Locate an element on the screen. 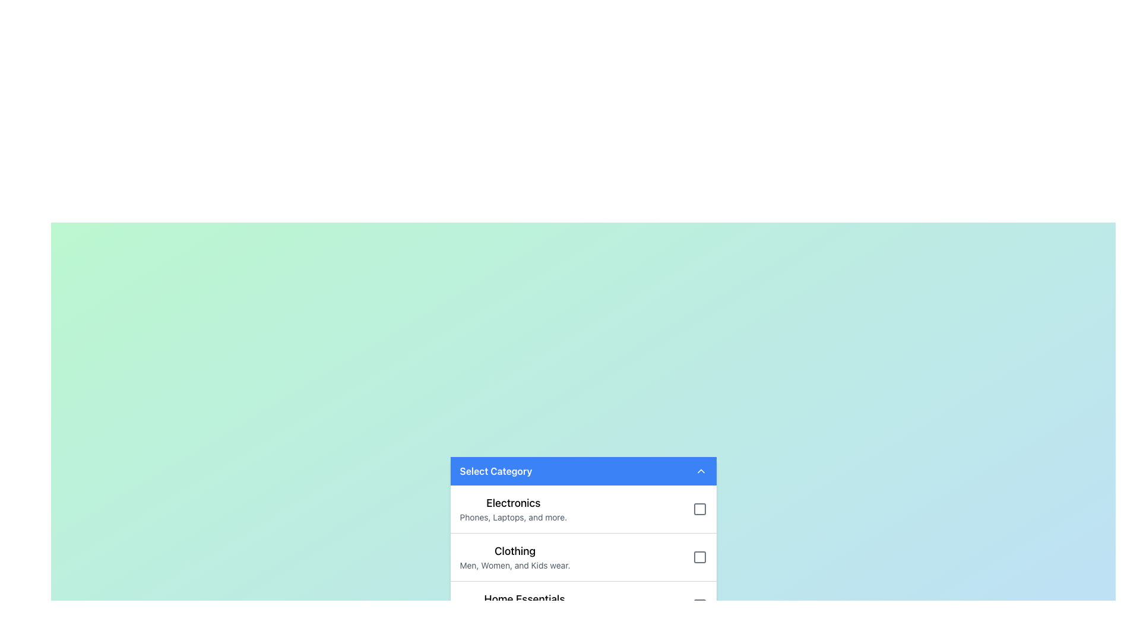 This screenshot has width=1140, height=641. the text label that reads 'Men, Women, and Kids wear.', which is styled with a smaller font size and gray color, positioned below the bold text 'Clothing' within a category card is located at coordinates (515, 564).